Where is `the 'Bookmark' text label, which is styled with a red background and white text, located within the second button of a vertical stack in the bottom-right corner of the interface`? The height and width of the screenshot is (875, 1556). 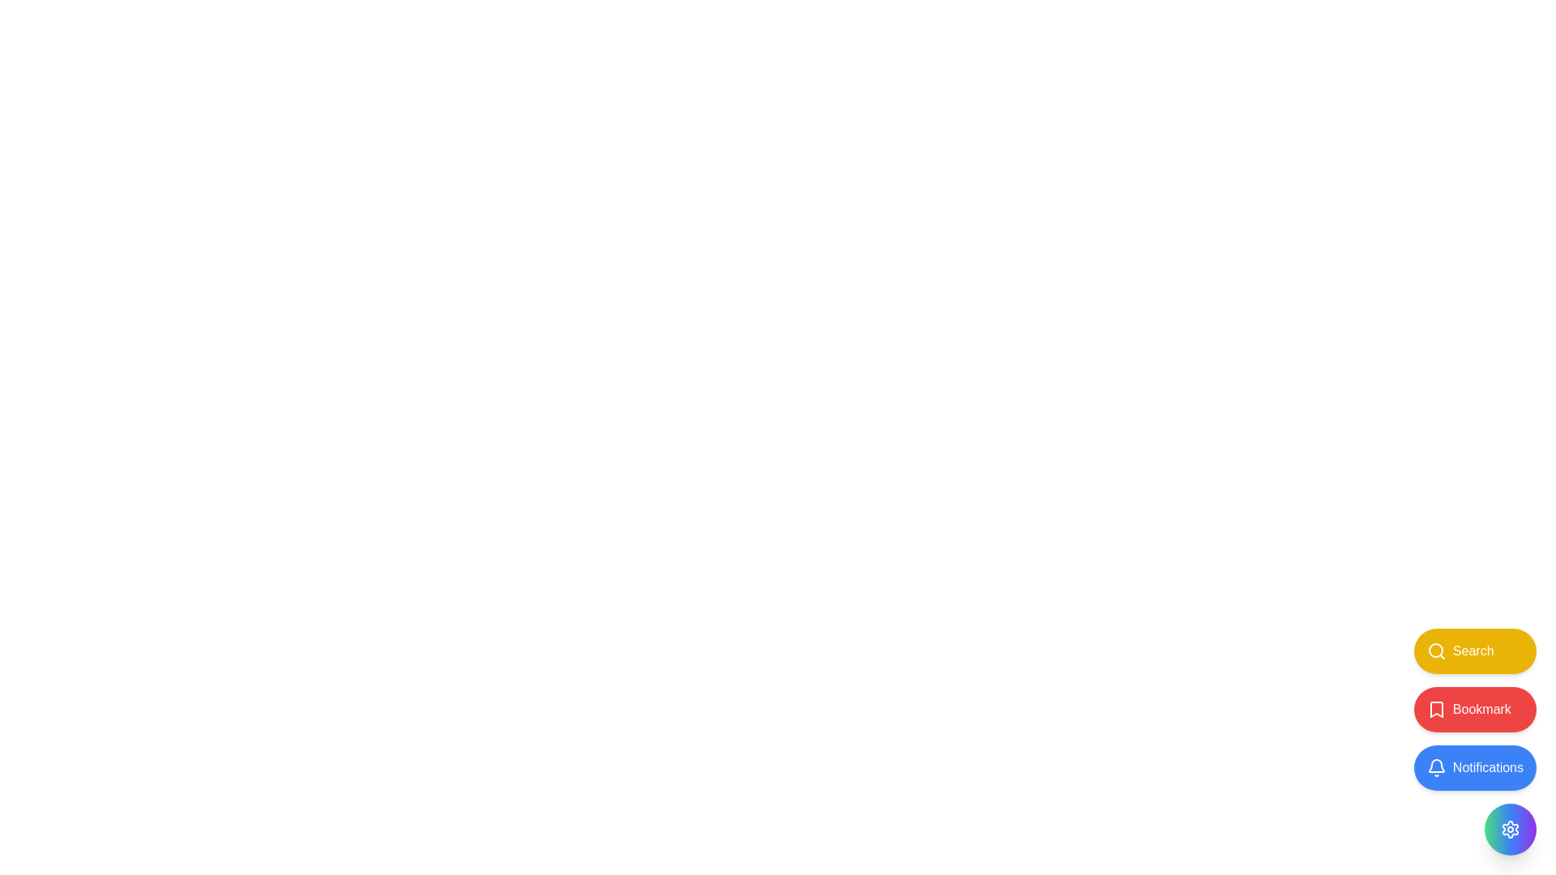 the 'Bookmark' text label, which is styled with a red background and white text, located within the second button of a vertical stack in the bottom-right corner of the interface is located at coordinates (1481, 708).